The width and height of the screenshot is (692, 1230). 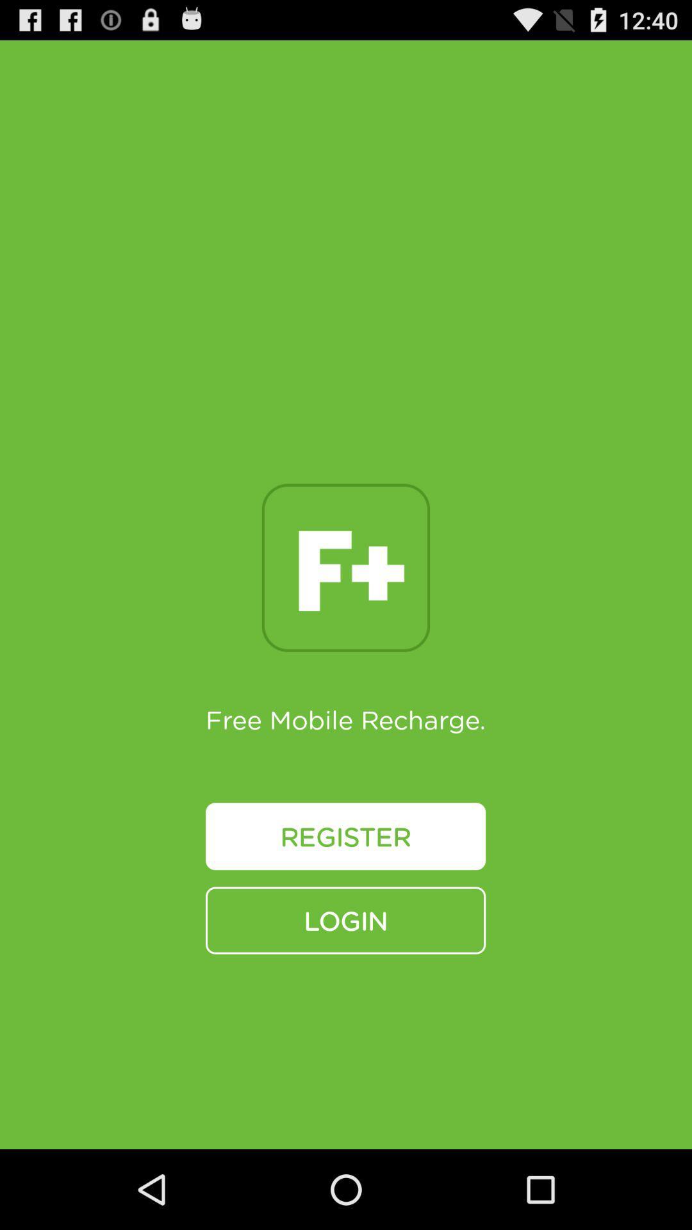 What do you see at coordinates (345, 836) in the screenshot?
I see `register button` at bounding box center [345, 836].